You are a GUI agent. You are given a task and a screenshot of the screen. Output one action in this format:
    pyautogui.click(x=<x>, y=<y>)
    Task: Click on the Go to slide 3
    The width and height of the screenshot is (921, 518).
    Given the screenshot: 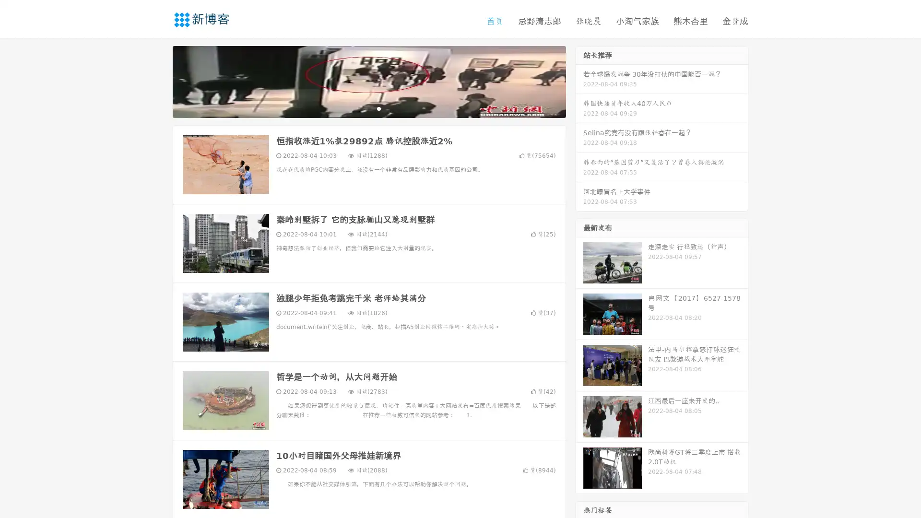 What is the action you would take?
    pyautogui.click(x=378, y=108)
    